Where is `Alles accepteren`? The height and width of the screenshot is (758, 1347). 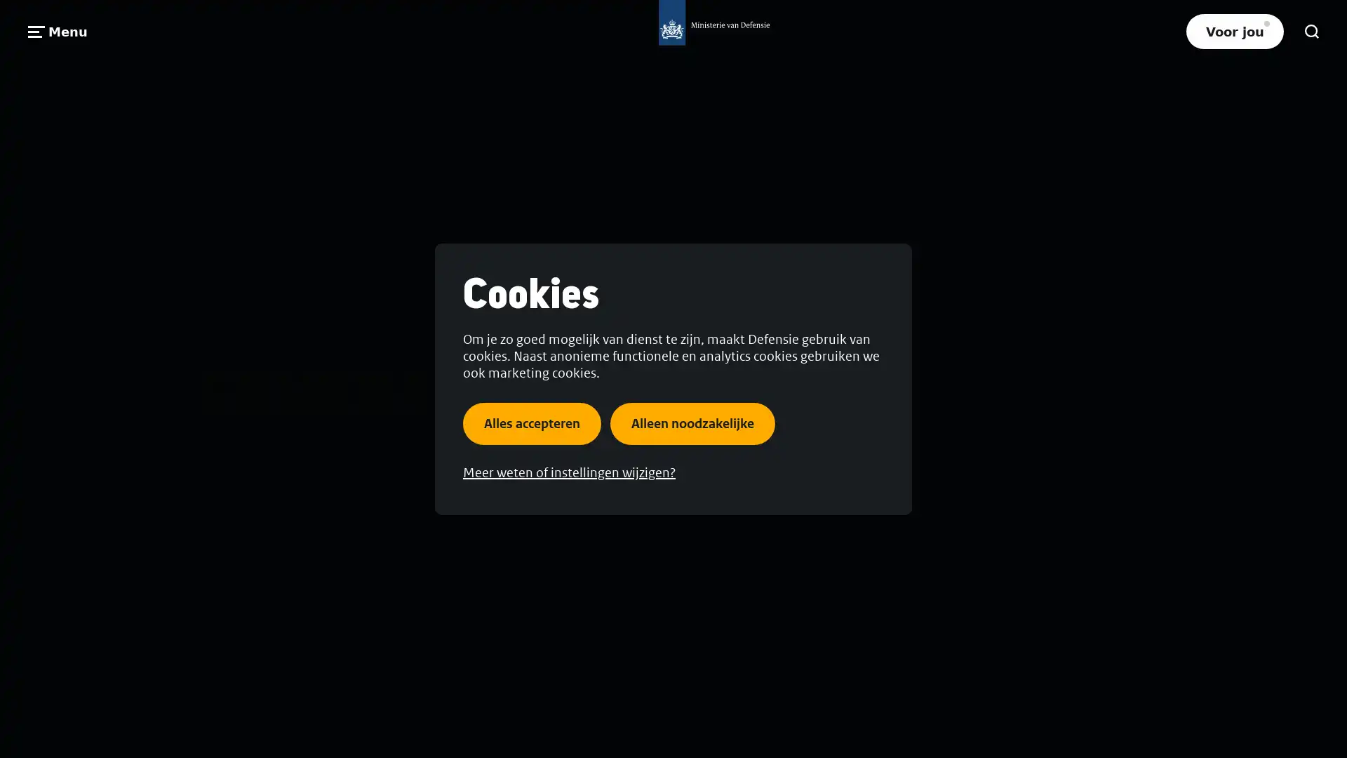
Alles accepteren is located at coordinates (531, 422).